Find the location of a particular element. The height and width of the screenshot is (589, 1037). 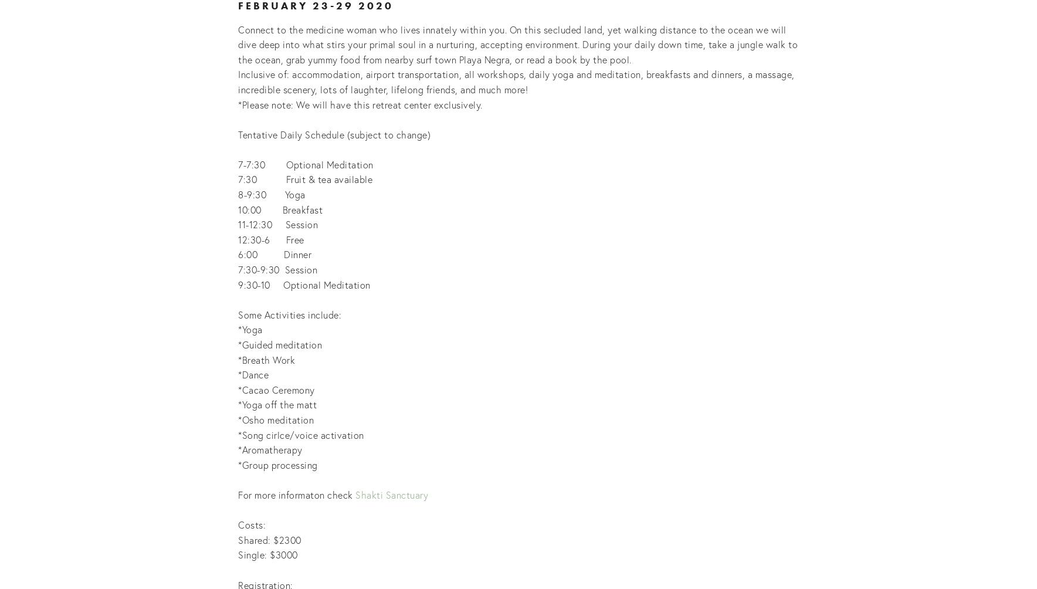

'10:00        Breakfast' is located at coordinates (280, 209).